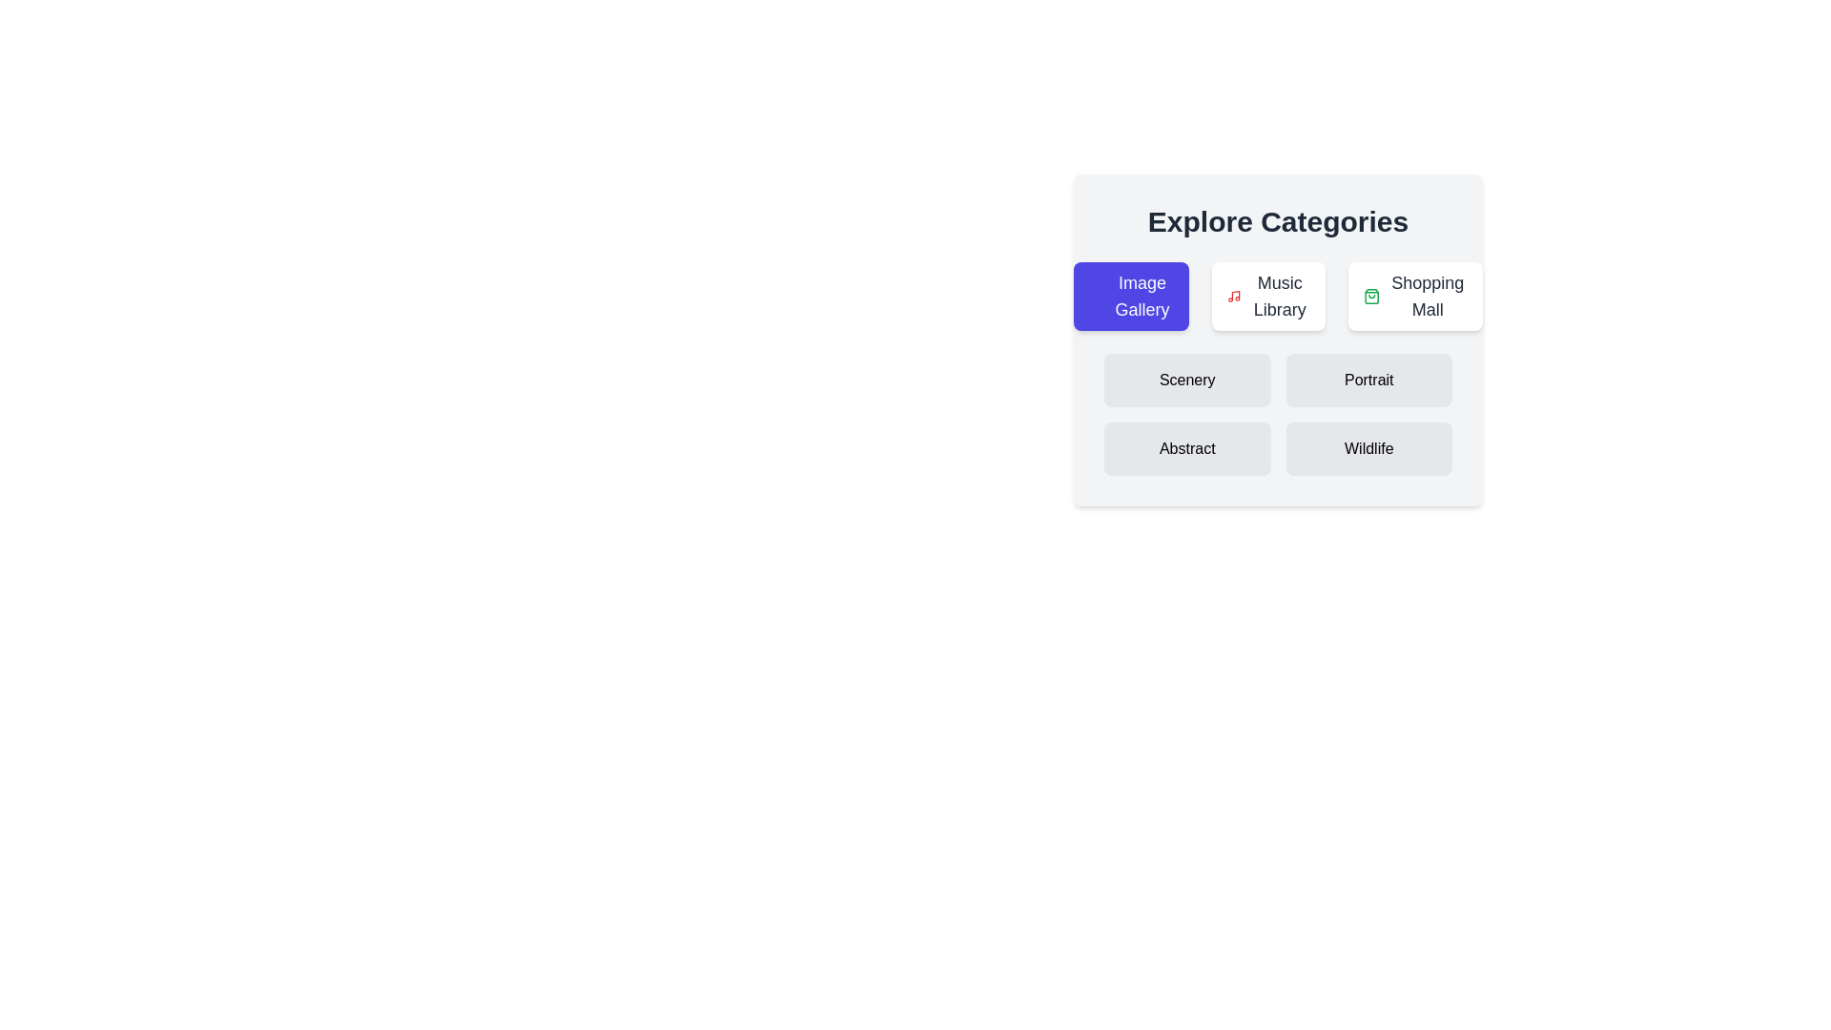 This screenshot has width=1831, height=1030. What do you see at coordinates (1371, 297) in the screenshot?
I see `the small shopping bag icon with a green outline located to the left of the text 'Shopping Mall', which is part of the 'Shopping Mall' button in the 'Explore Categories' card` at bounding box center [1371, 297].